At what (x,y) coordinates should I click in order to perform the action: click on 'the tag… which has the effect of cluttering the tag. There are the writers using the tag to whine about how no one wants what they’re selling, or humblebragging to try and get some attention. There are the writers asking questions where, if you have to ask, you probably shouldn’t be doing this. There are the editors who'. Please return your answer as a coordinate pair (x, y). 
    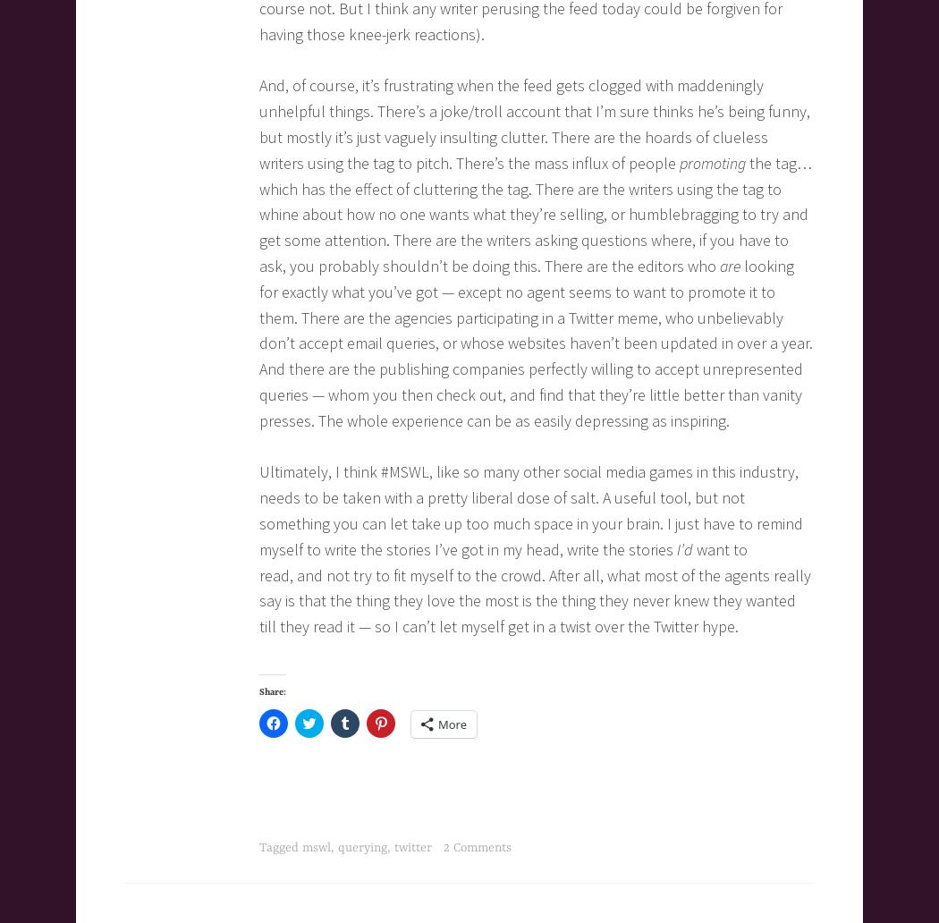
    Looking at the image, I should click on (535, 213).